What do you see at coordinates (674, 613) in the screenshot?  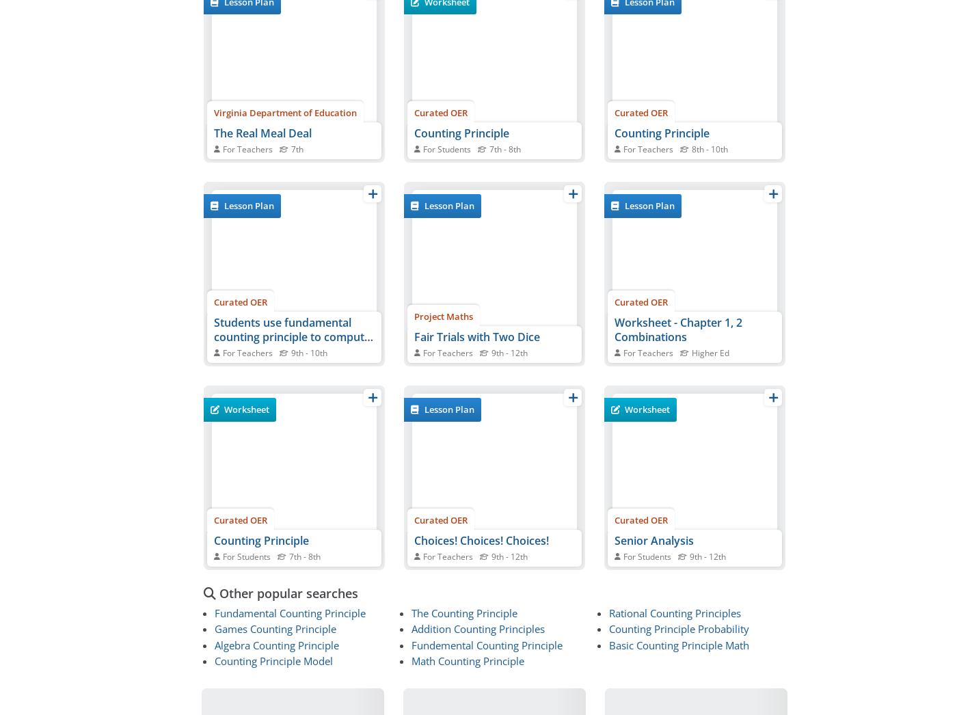 I see `'Rational Counting Principles'` at bounding box center [674, 613].